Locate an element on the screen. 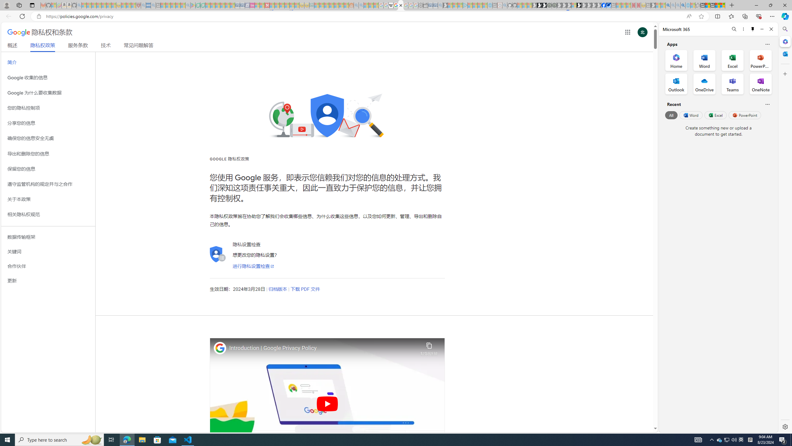 The image size is (792, 446). 'Excel' is located at coordinates (715, 115).